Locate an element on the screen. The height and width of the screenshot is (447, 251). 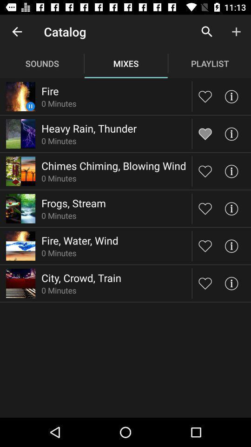
icon above sounds icon is located at coordinates (17, 32).